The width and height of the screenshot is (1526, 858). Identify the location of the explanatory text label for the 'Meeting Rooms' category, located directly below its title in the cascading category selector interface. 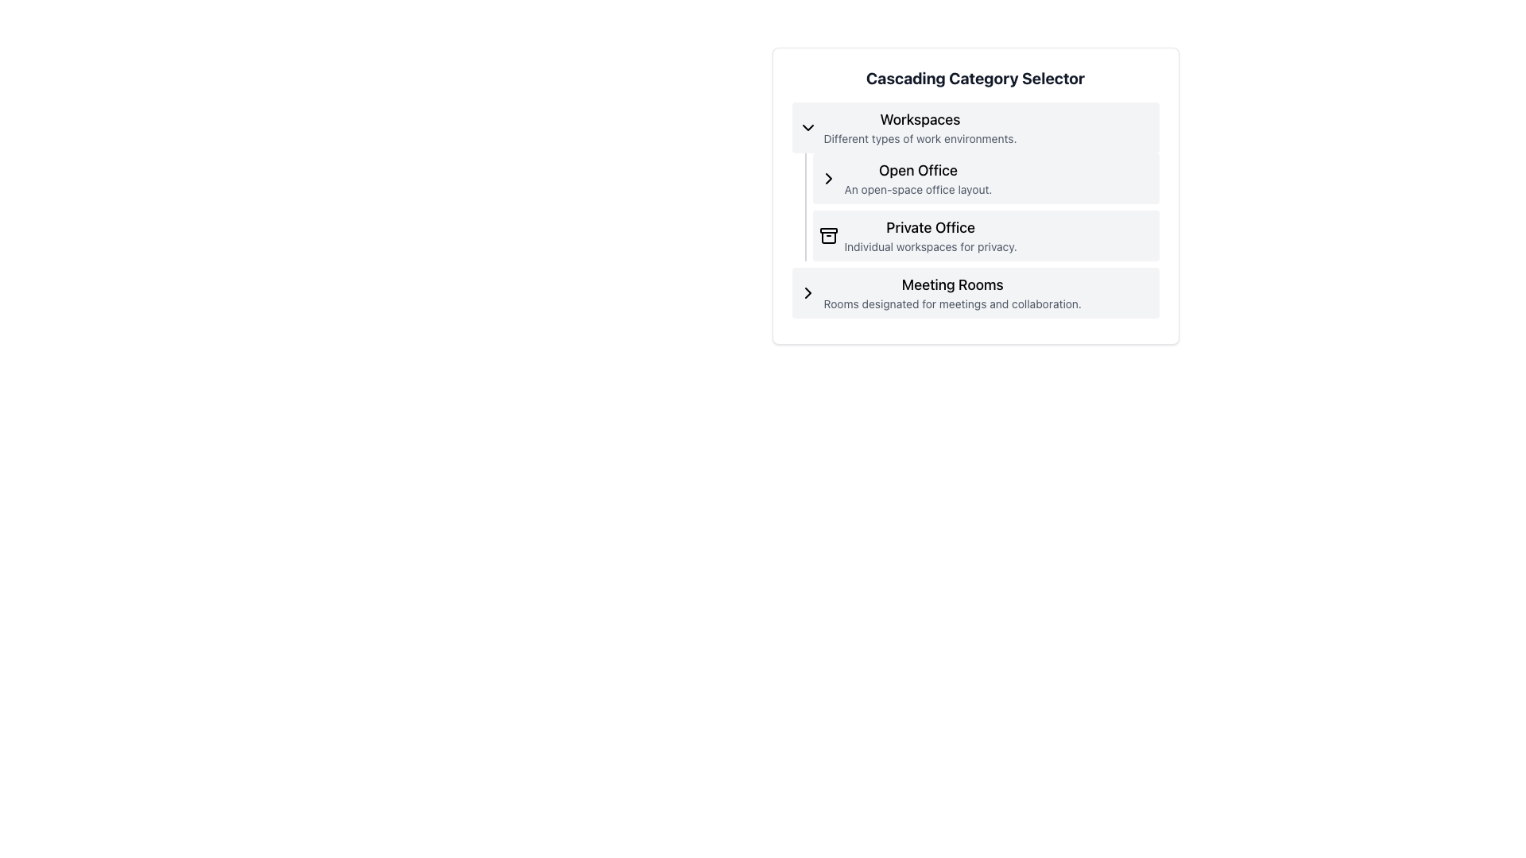
(952, 303).